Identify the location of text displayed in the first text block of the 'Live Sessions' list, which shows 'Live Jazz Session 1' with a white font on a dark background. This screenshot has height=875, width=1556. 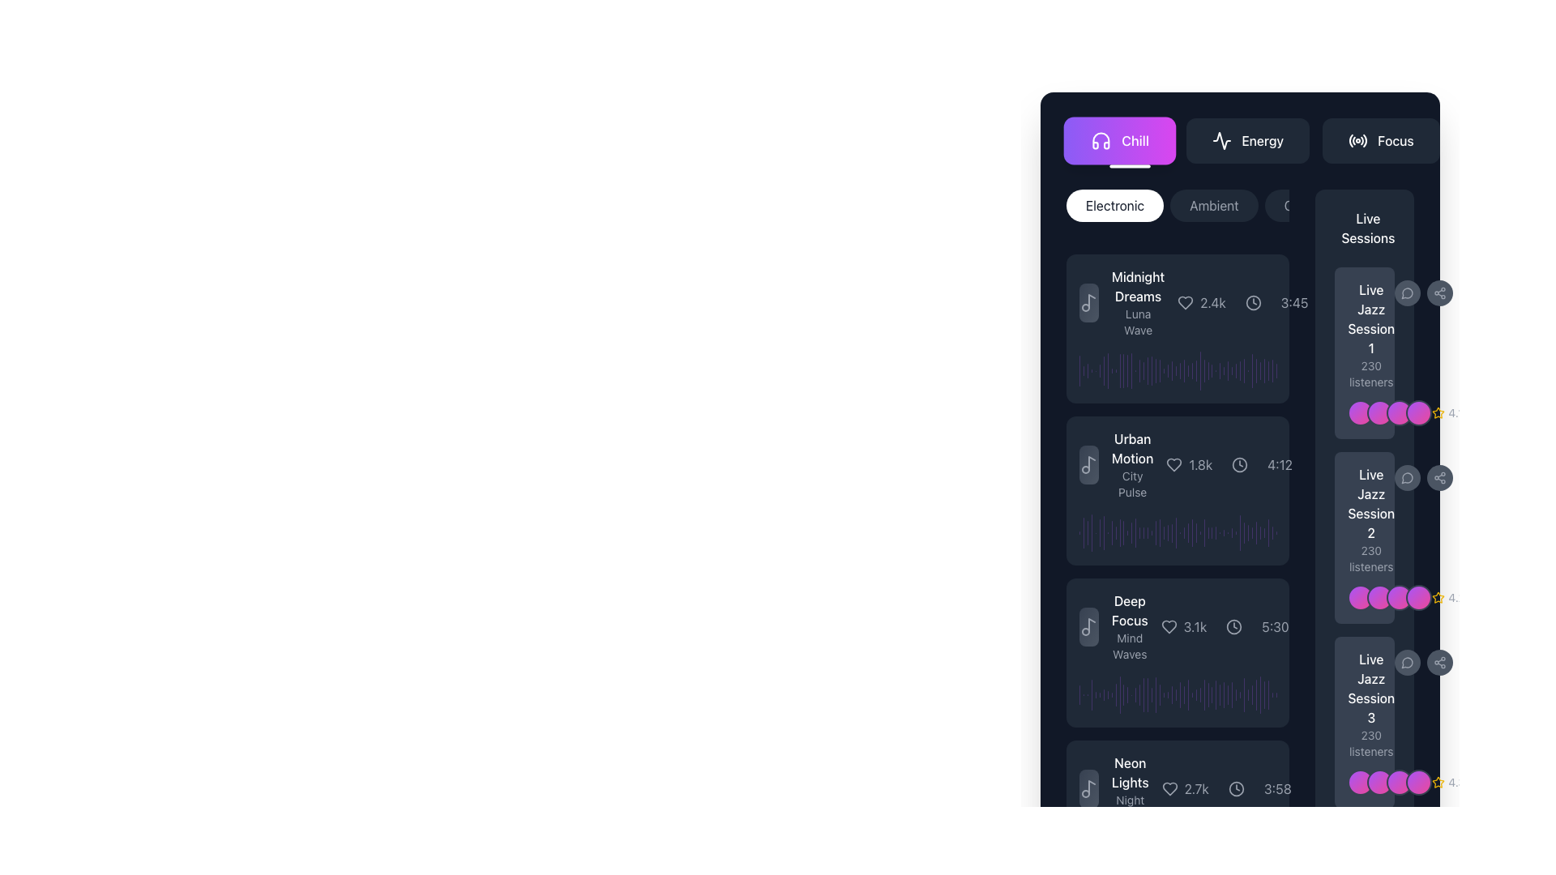
(1370, 318).